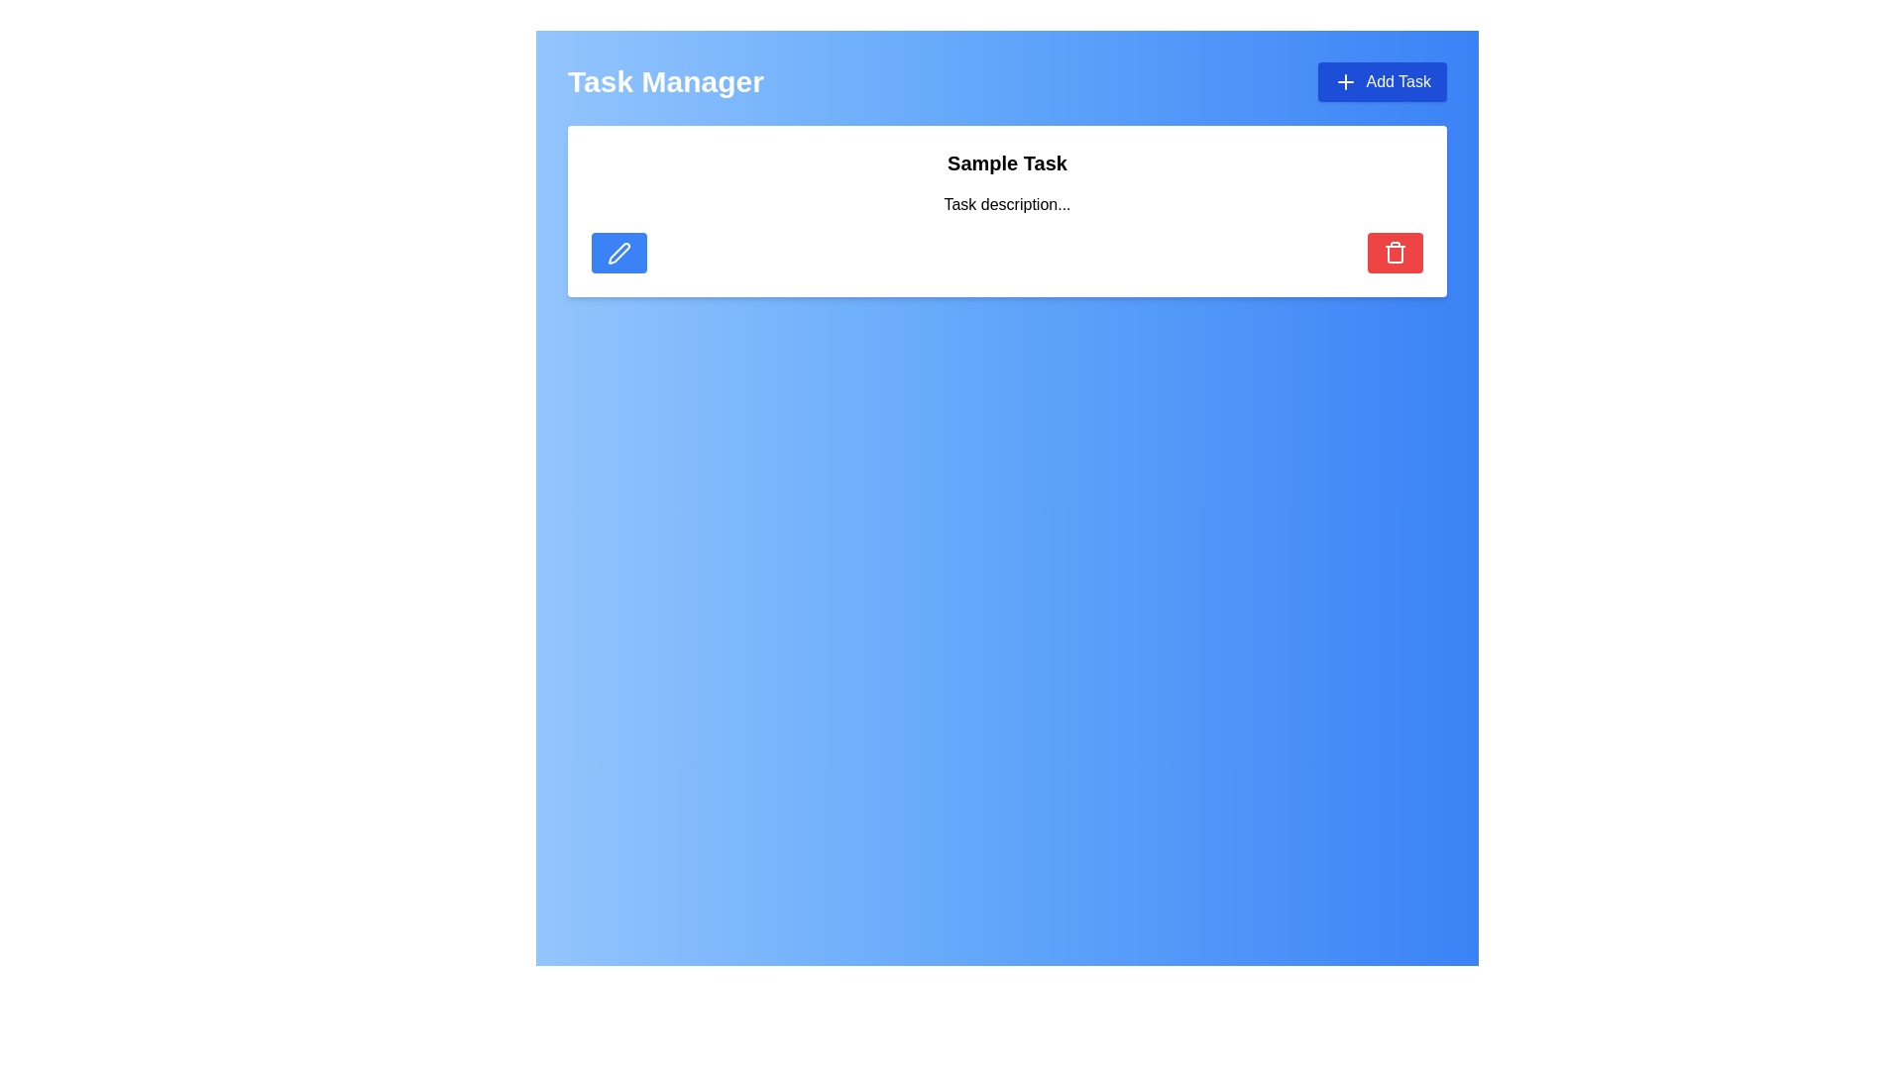  I want to click on the 'Add Task' button which contains the blue plus icon, so click(1346, 81).